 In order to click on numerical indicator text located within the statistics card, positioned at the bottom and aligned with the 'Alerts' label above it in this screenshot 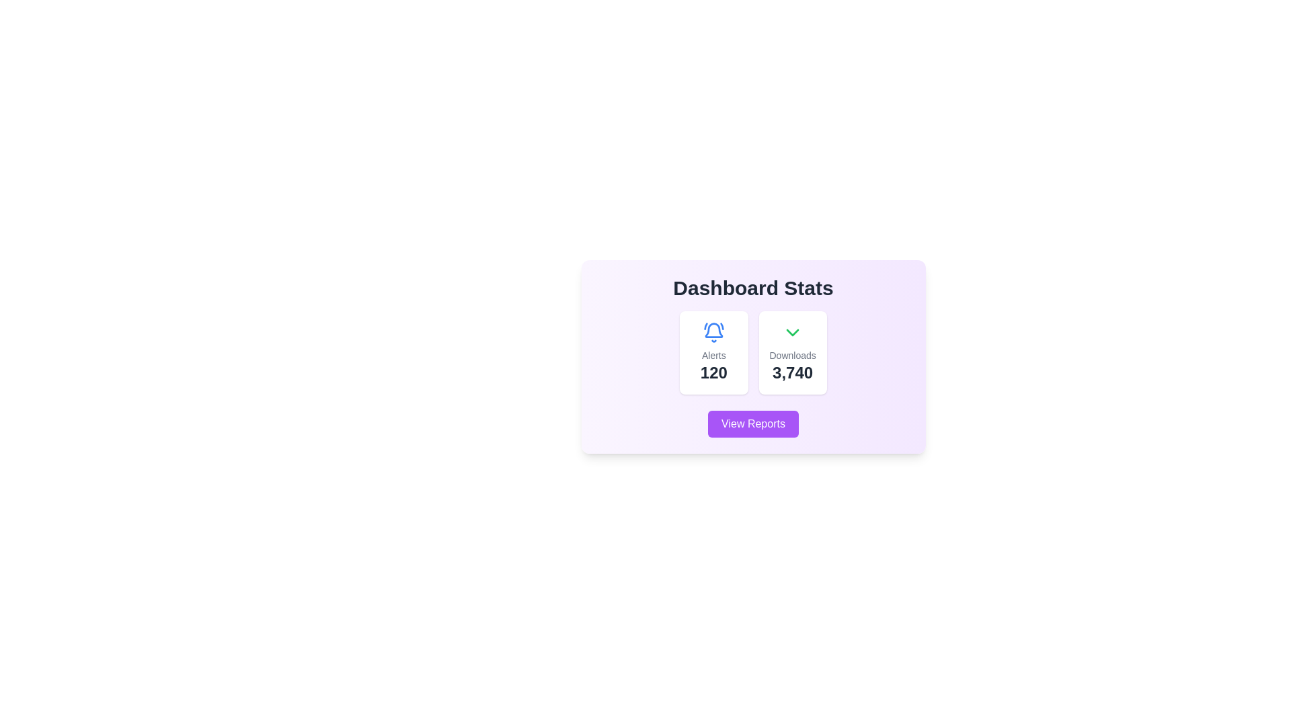, I will do `click(713, 373)`.